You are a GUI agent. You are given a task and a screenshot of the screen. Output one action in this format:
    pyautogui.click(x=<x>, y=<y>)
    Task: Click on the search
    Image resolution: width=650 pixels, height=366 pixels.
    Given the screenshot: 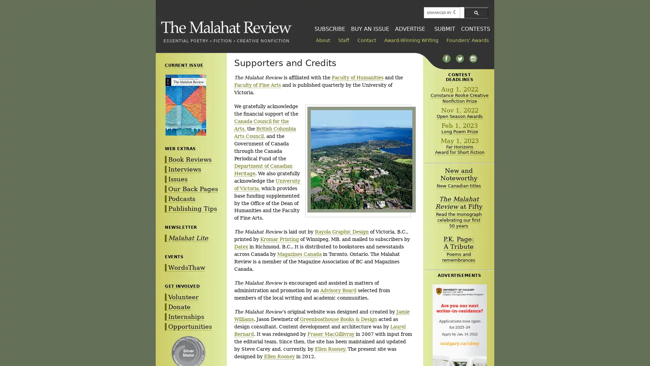 What is the action you would take?
    pyautogui.click(x=476, y=13)
    